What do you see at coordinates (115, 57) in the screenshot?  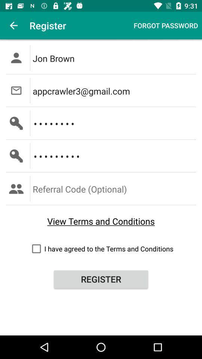 I see `the jon brown` at bounding box center [115, 57].